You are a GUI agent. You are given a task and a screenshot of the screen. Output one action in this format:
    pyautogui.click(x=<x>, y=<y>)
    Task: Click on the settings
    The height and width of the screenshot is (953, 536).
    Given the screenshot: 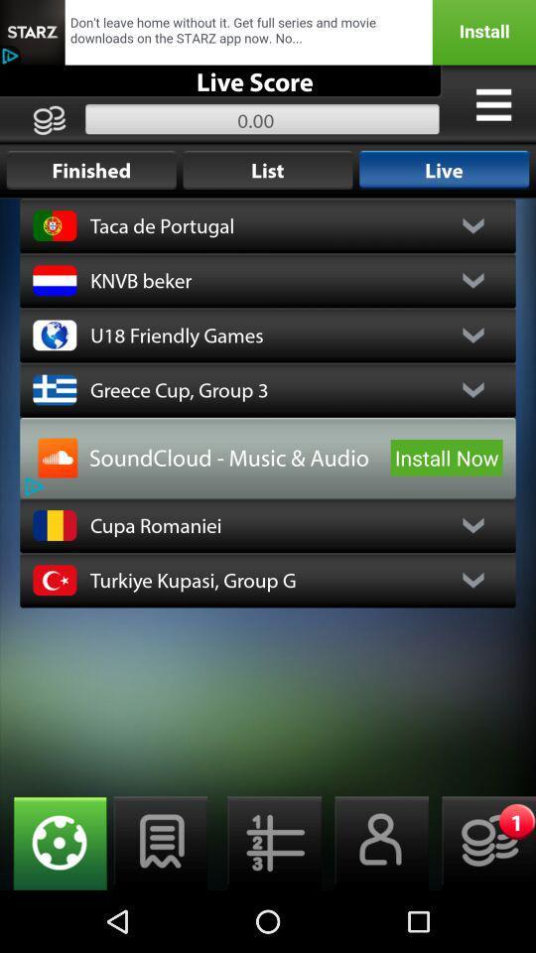 What is the action you would take?
    pyautogui.click(x=268, y=842)
    